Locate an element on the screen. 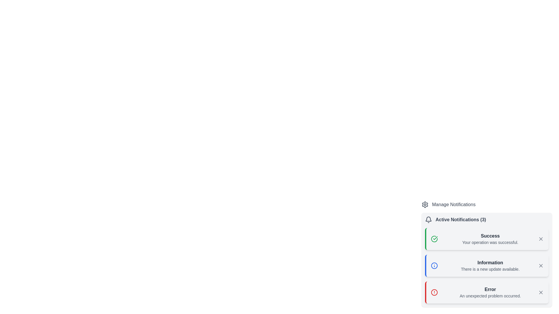 The image size is (559, 314). text label 'Active Notifications (3)' which is bolded and located near a bell icon in the notification summary box is located at coordinates (460, 220).